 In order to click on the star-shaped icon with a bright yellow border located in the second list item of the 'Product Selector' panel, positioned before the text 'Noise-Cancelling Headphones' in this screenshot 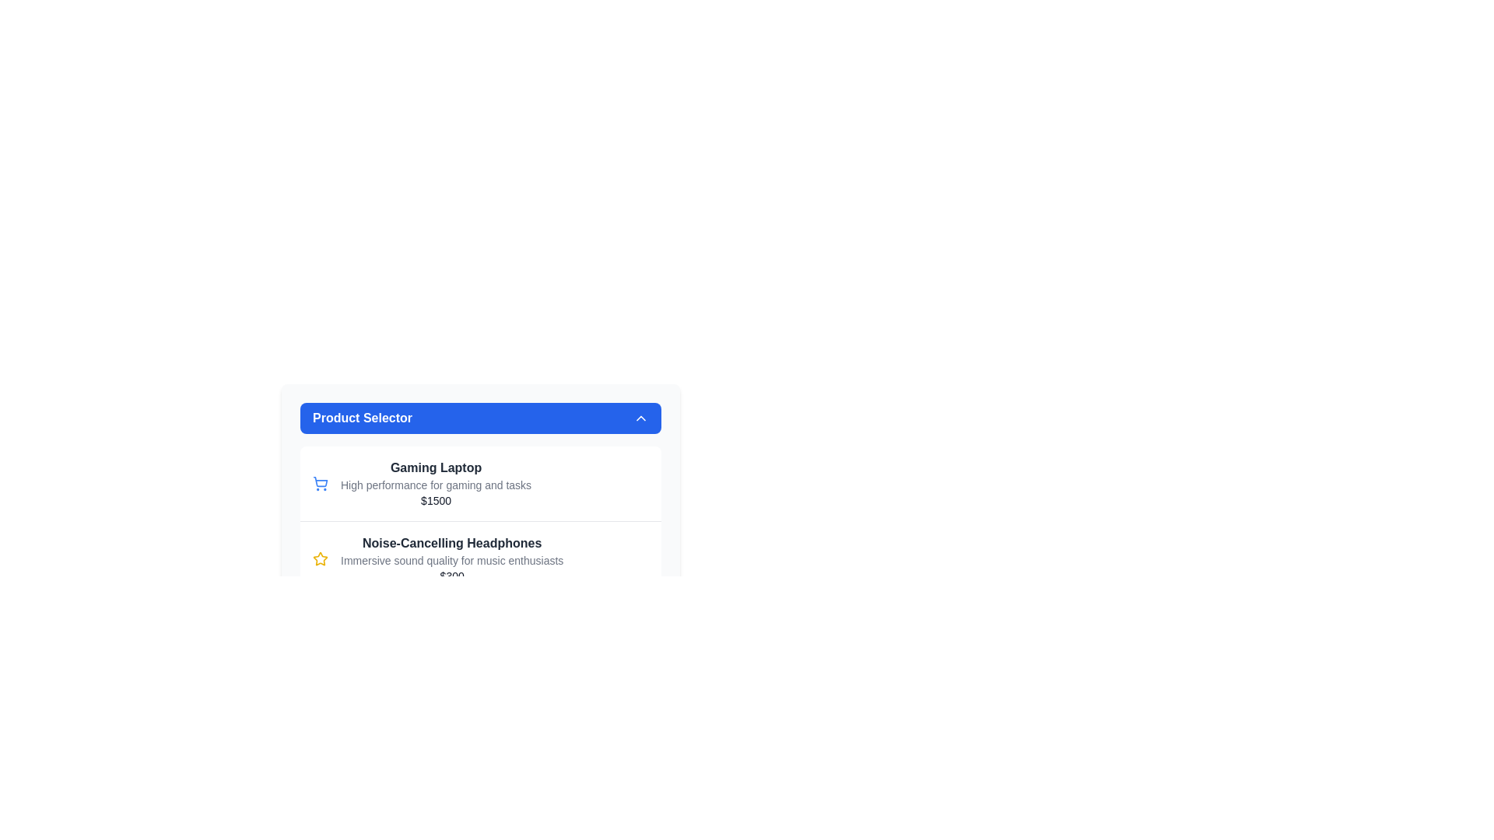, I will do `click(320, 558)`.